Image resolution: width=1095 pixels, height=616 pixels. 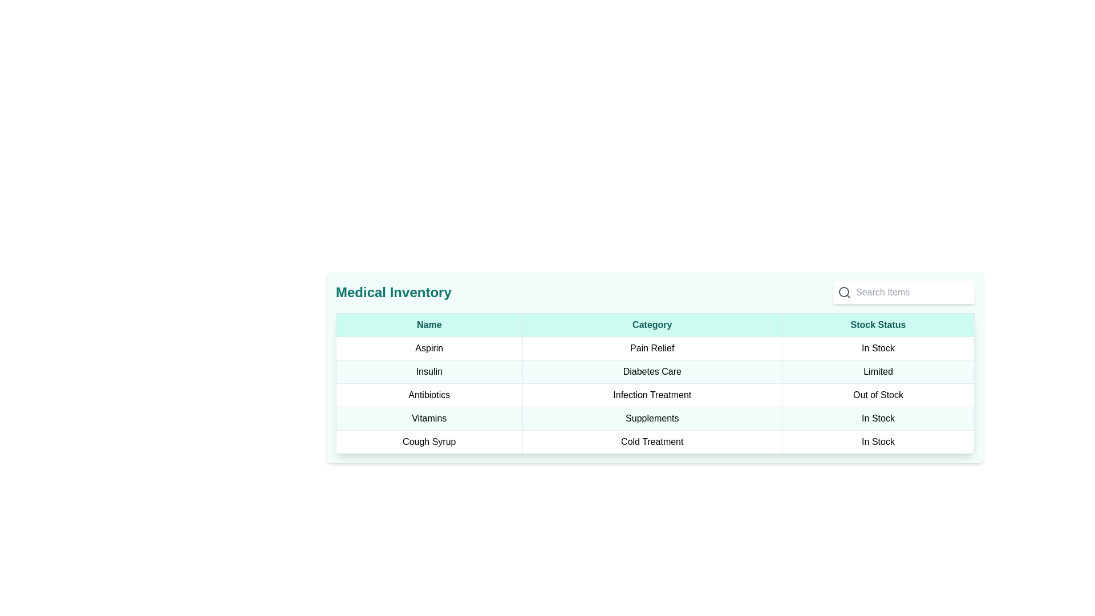 What do you see at coordinates (655, 418) in the screenshot?
I see `the fifth row in the table displaying 'Vitamins', 'Supplements', and 'In Stock', which is located between 'Antibiotics' and 'Cough Syrup'` at bounding box center [655, 418].